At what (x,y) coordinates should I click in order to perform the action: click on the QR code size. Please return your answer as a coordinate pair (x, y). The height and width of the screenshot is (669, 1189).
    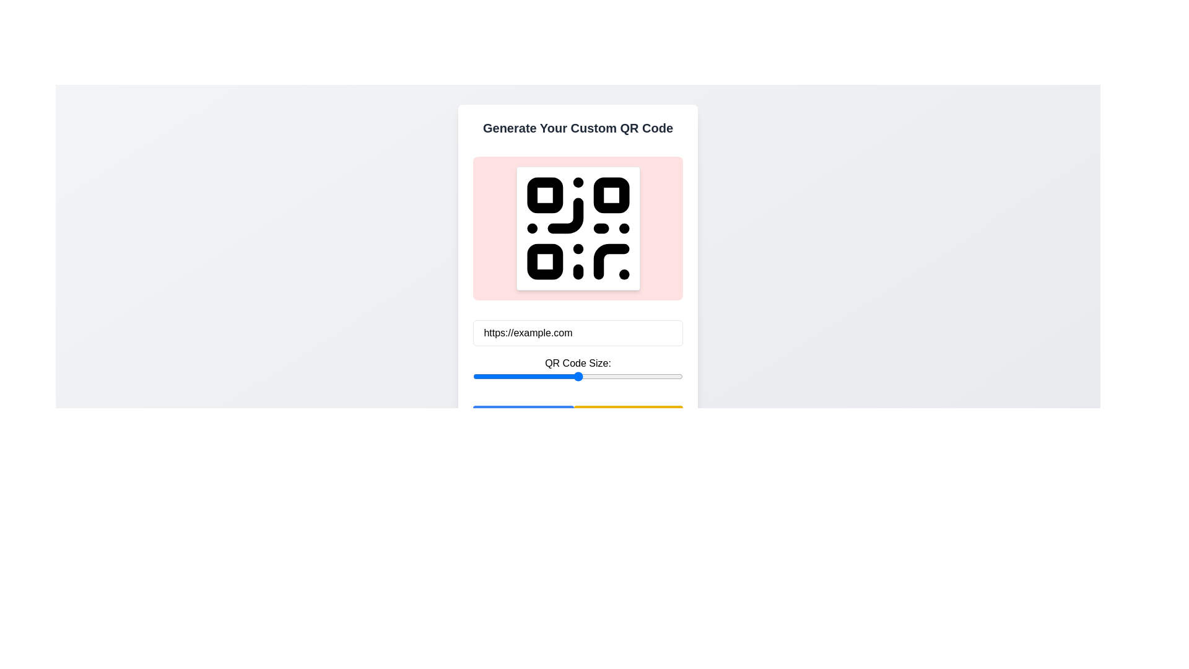
    Looking at the image, I should click on (537, 376).